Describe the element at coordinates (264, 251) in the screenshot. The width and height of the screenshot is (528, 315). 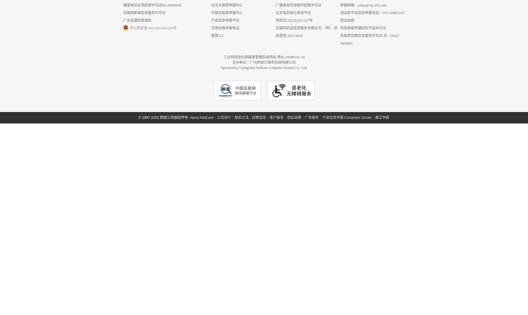
I see `'工业和信息化部备案管理系统网站 粤B2-20090191-18'` at that location.